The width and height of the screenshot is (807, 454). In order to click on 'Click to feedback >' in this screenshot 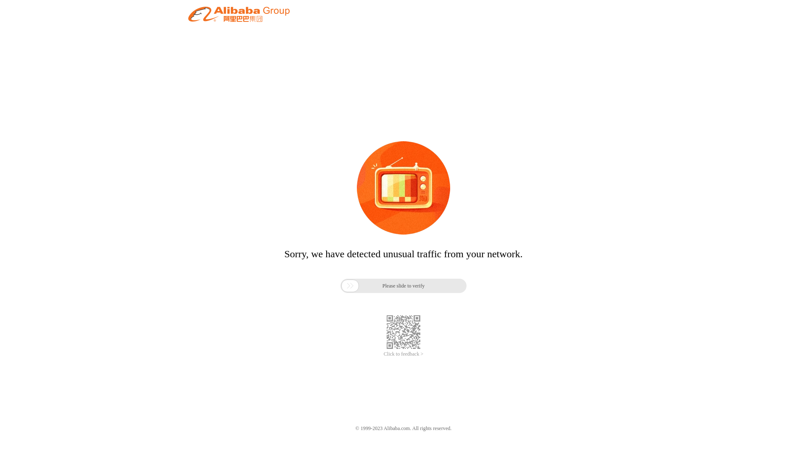, I will do `click(403, 354)`.